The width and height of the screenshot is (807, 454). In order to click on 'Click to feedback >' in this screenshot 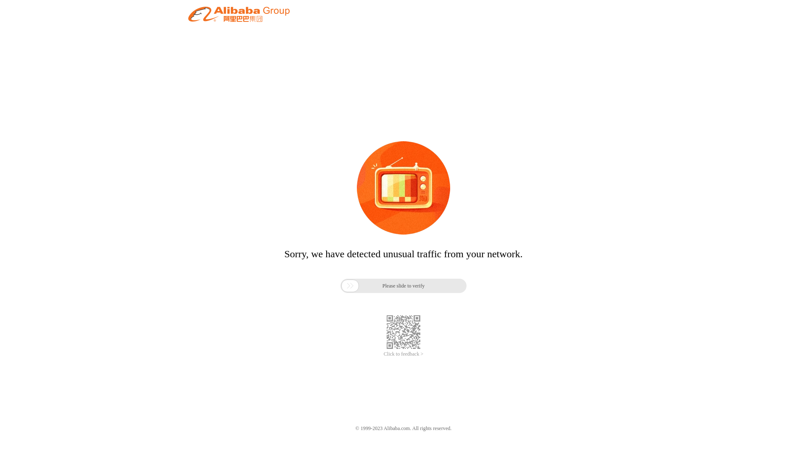, I will do `click(403, 354)`.